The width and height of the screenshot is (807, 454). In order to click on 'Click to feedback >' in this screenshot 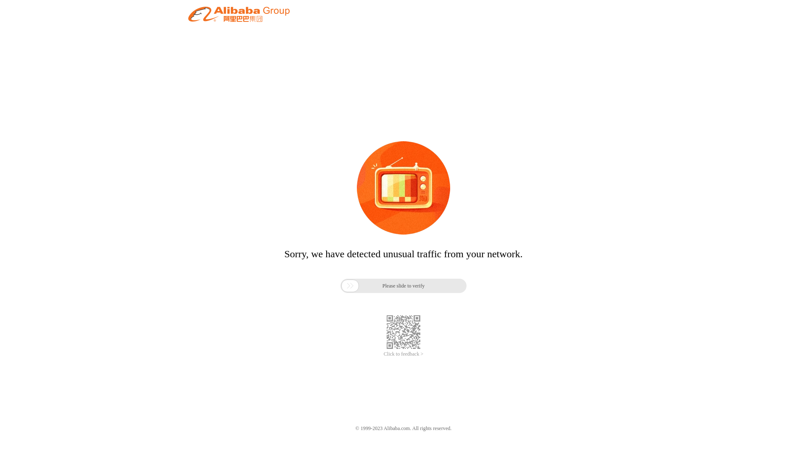, I will do `click(403, 354)`.